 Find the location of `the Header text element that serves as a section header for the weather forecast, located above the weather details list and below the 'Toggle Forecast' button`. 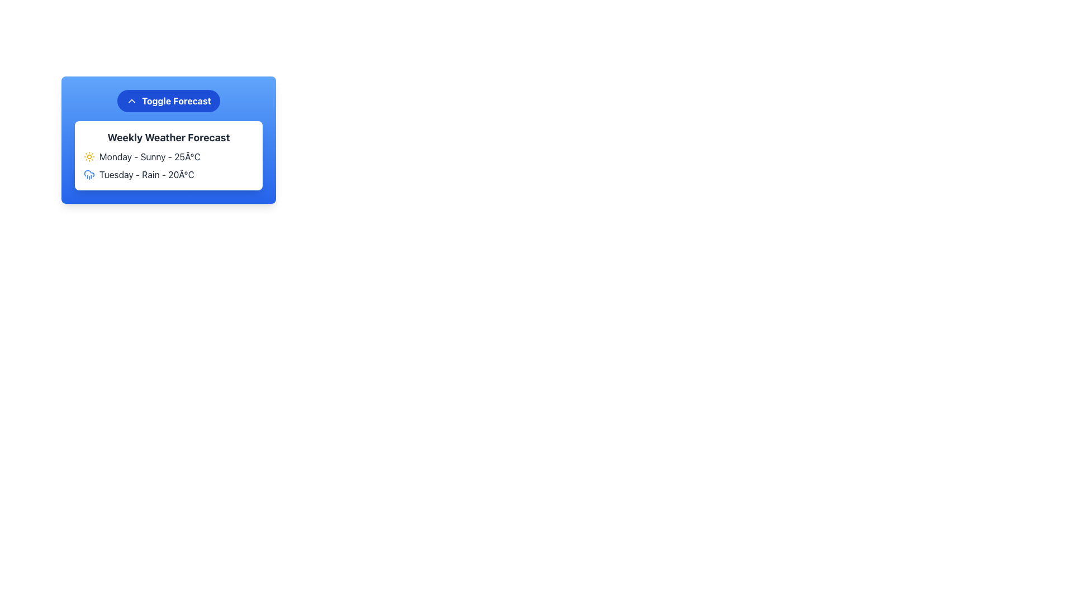

the Header text element that serves as a section header for the weather forecast, located above the weather details list and below the 'Toggle Forecast' button is located at coordinates (168, 137).